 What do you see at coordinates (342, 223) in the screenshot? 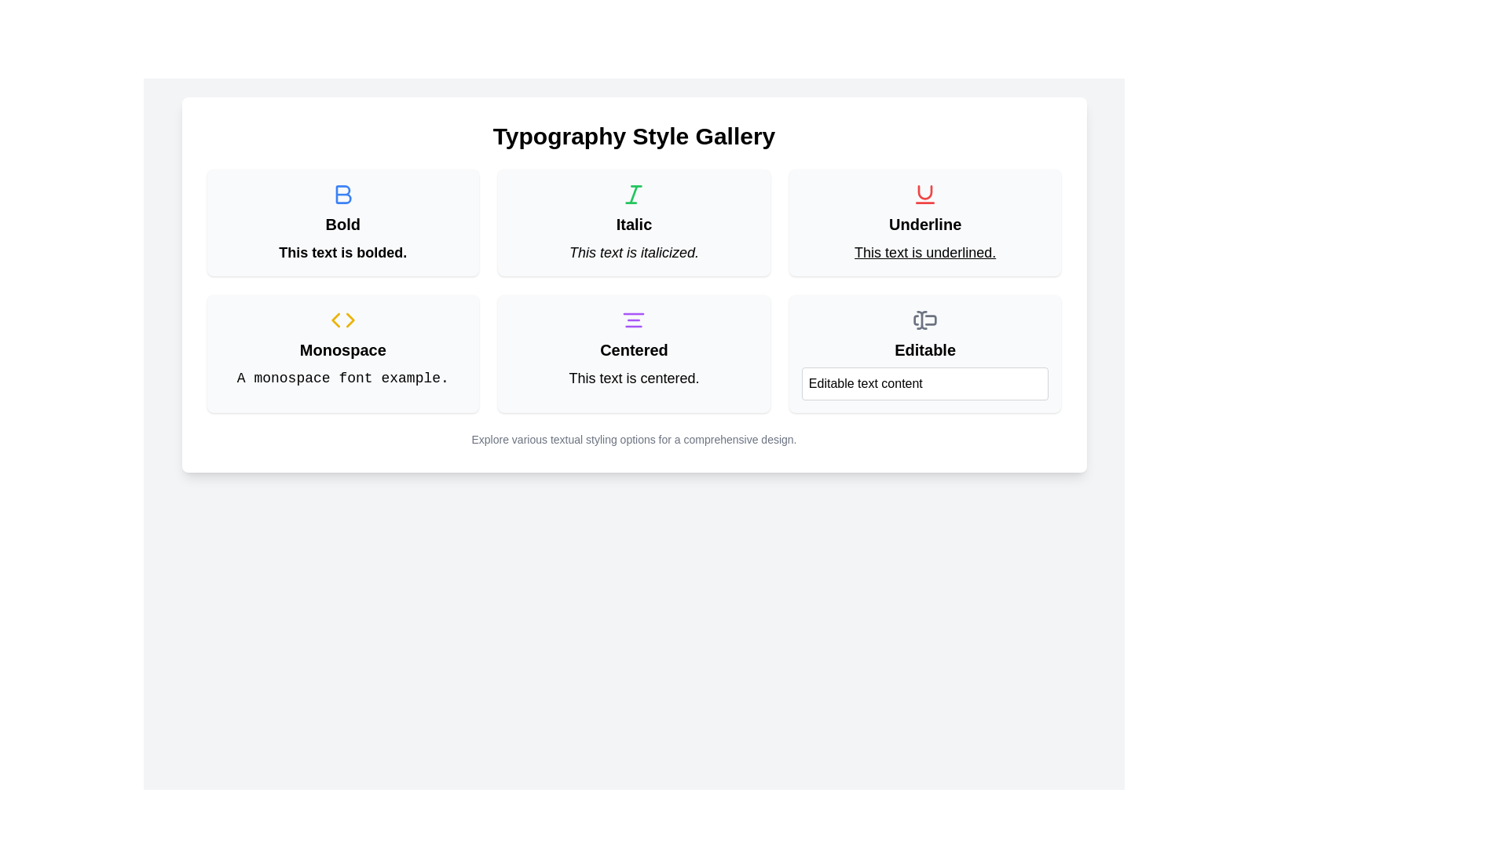
I see `the description of the bold text styling visual card, which is the first tile in a grid layout of six tiles` at bounding box center [342, 223].